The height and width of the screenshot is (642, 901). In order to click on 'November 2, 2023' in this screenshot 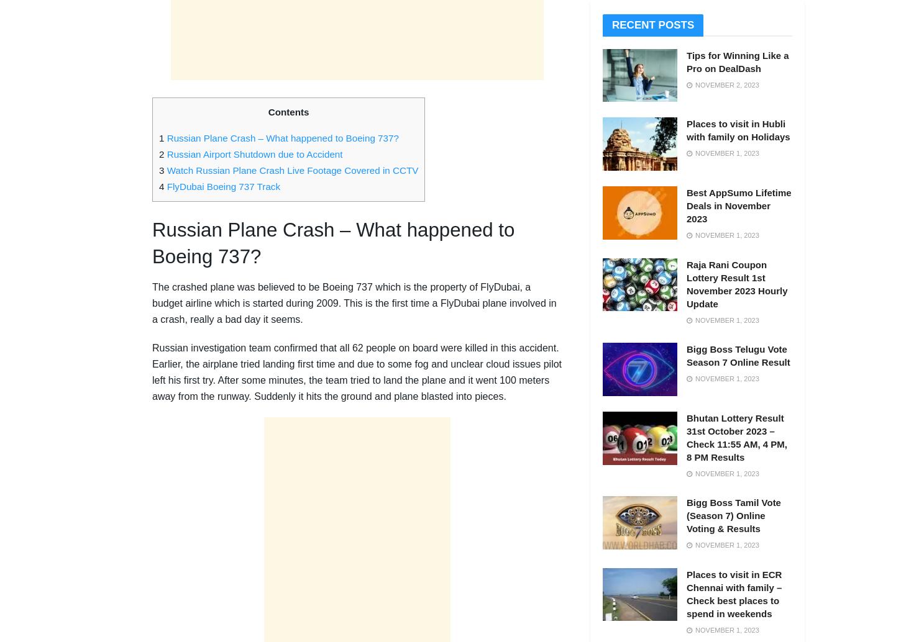, I will do `click(693, 84)`.